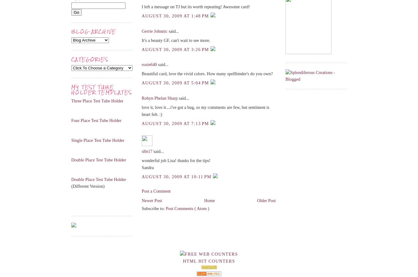 The height and width of the screenshot is (277, 418). What do you see at coordinates (175, 83) in the screenshot?
I see `'August 30, 2009 at 5:04 PM'` at bounding box center [175, 83].